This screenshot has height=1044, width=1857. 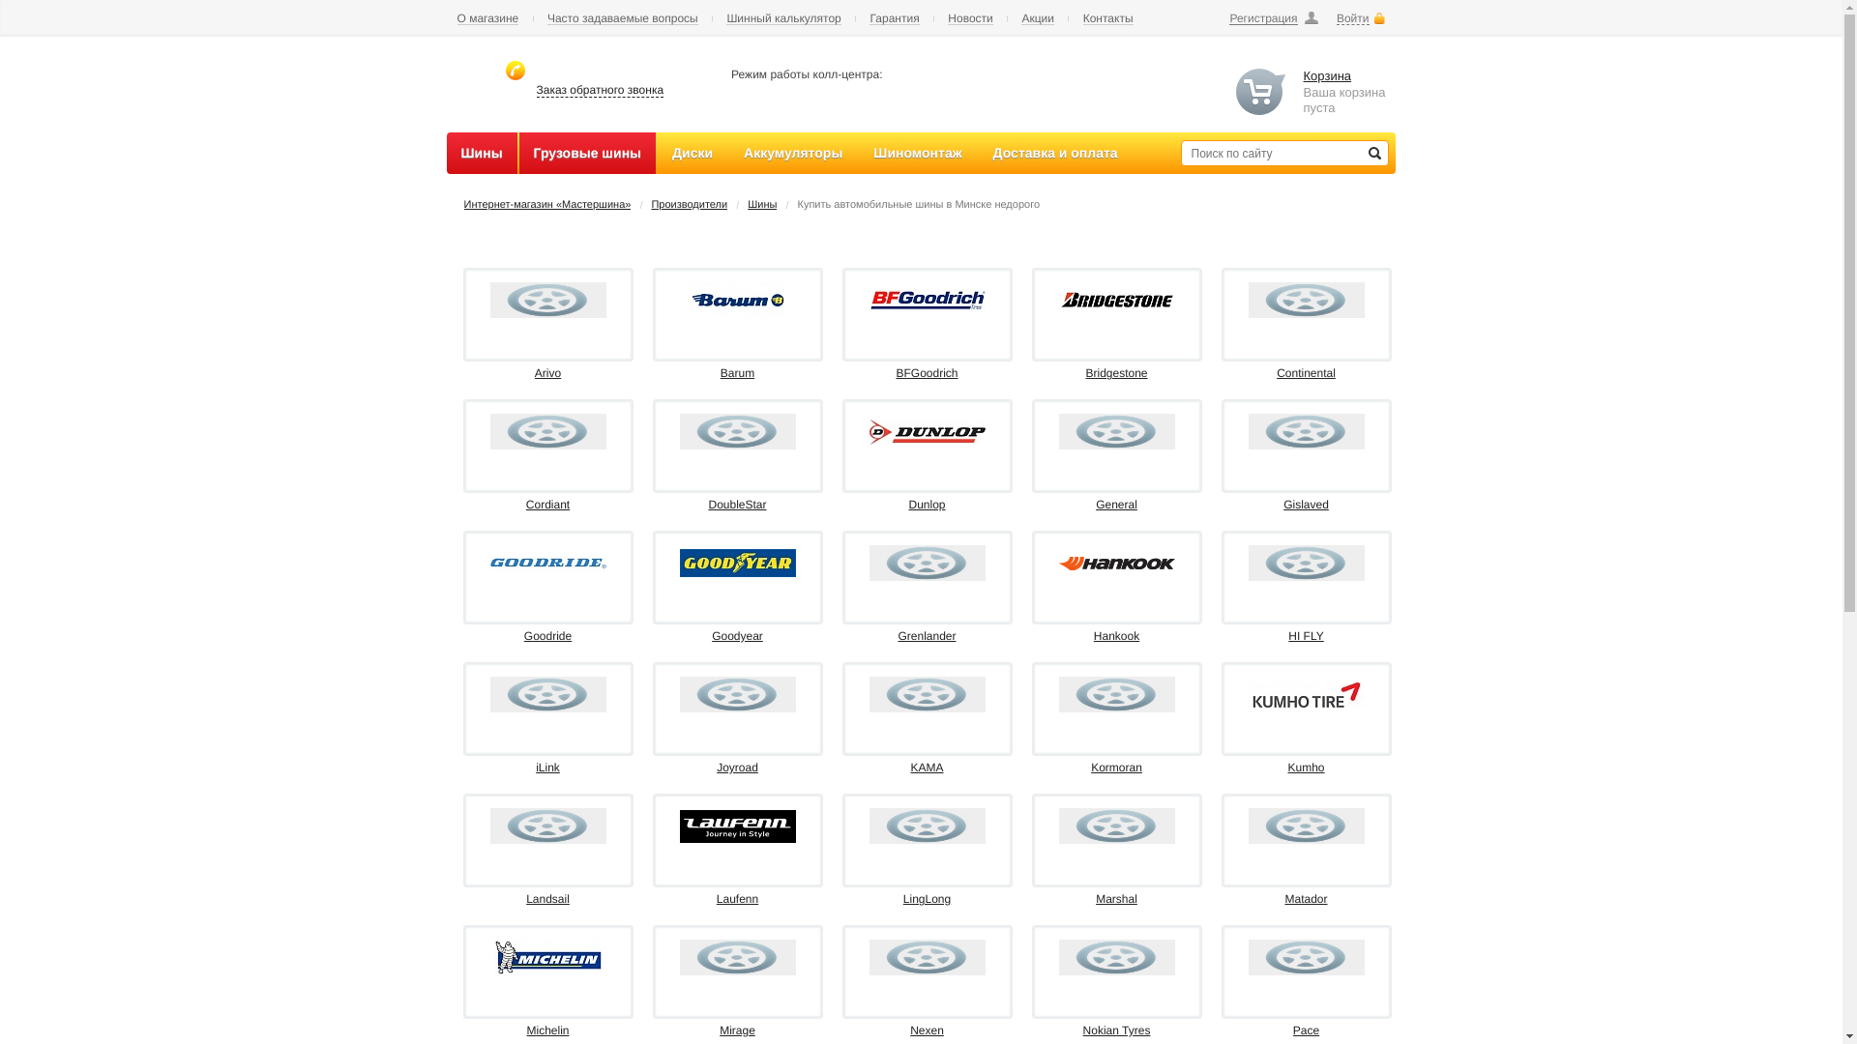 What do you see at coordinates (926, 1029) in the screenshot?
I see `'Nexen'` at bounding box center [926, 1029].